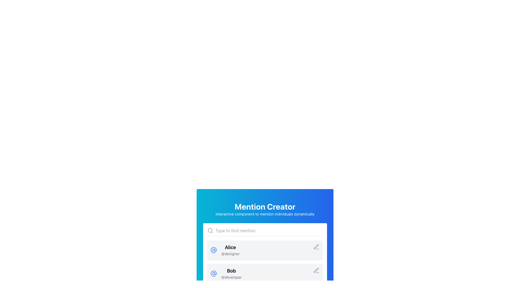  I want to click on the lower '@' icon associated with the name 'Bob', so click(214, 274).